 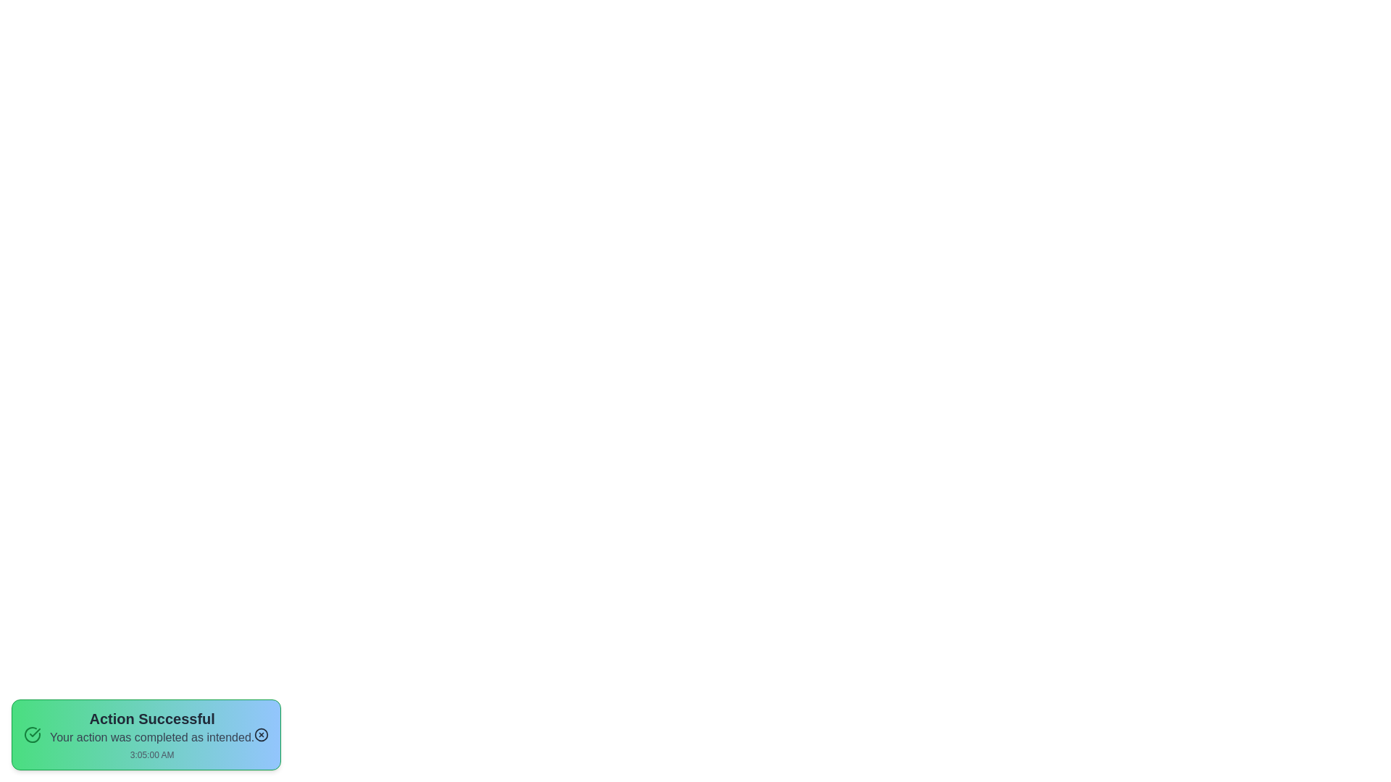 I want to click on the dismiss button to close the notification, so click(x=261, y=734).